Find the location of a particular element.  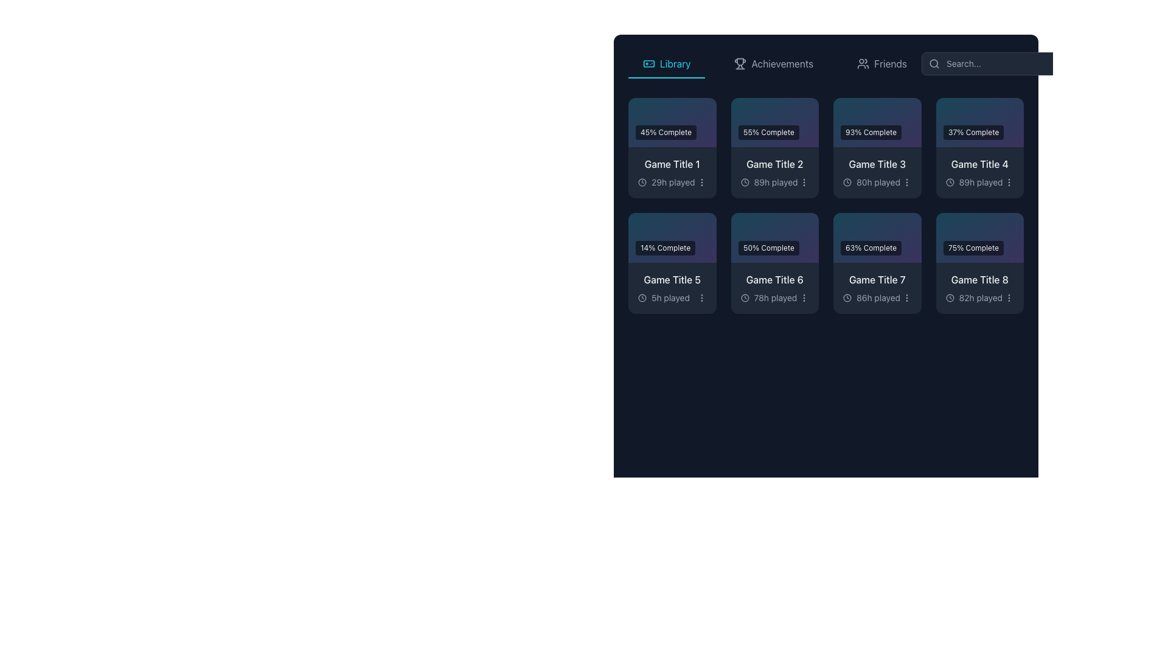

the Informational Label displaying a 93% completion rate for 'Game Title 3', located in the top-central row of the grid layout is located at coordinates (877, 122).